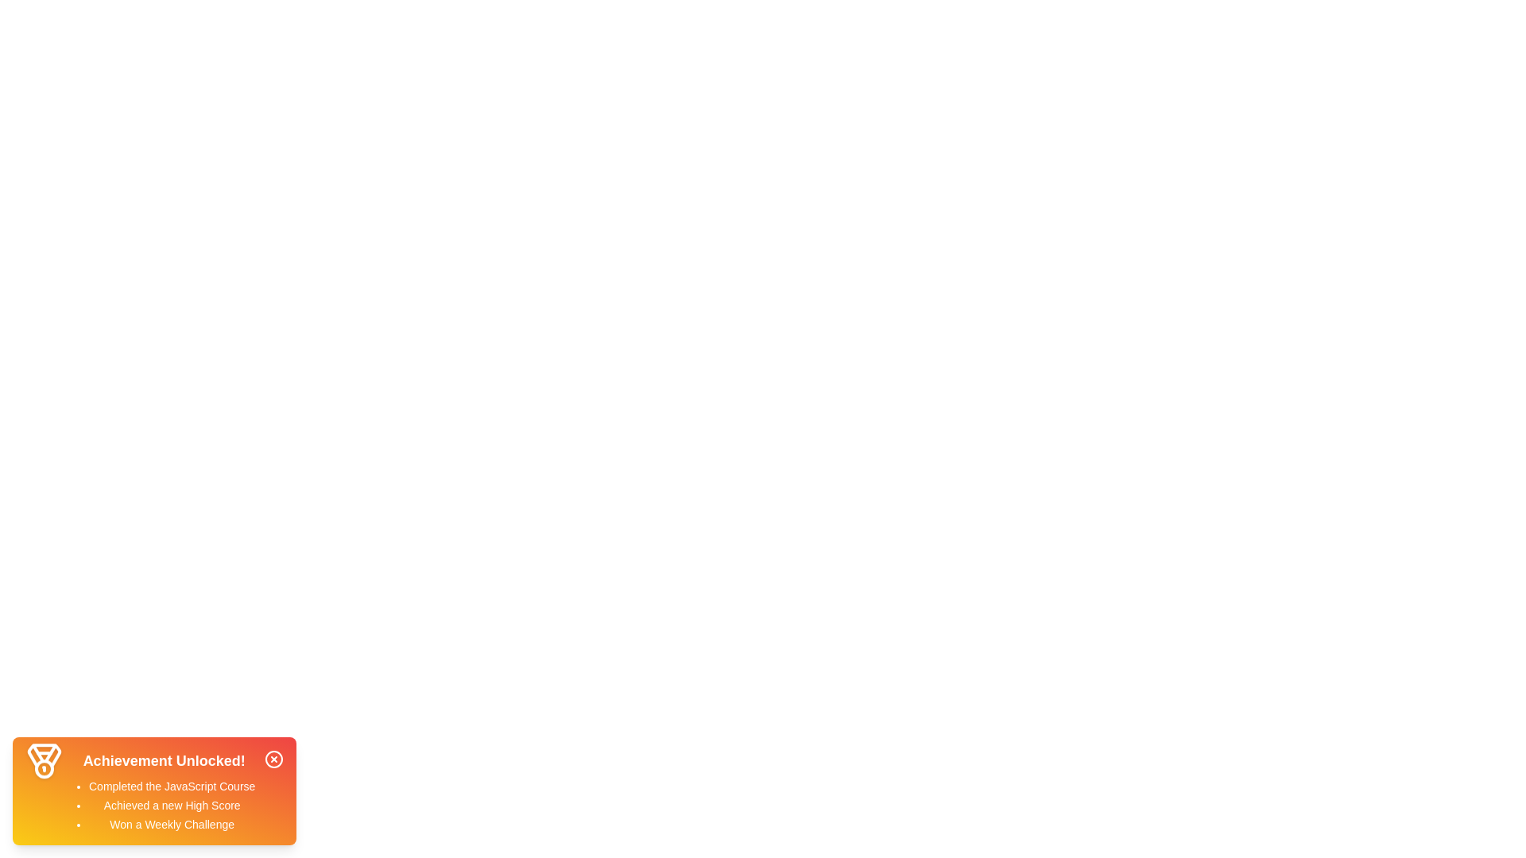 Image resolution: width=1526 pixels, height=858 pixels. I want to click on the medal icon to focus on it, so click(45, 765).